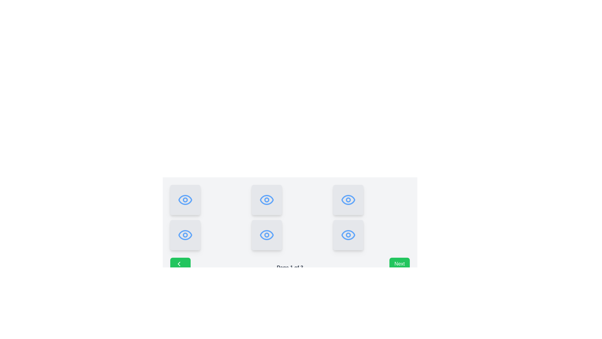 The height and width of the screenshot is (339, 602). I want to click on the top-left button in the 3x3 grid, which features a gray background and a blue eye icon, so click(185, 200).